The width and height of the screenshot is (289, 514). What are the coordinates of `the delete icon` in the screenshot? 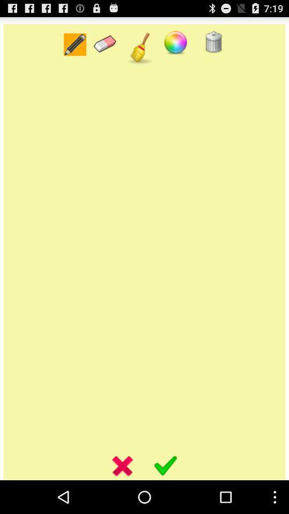 It's located at (214, 45).